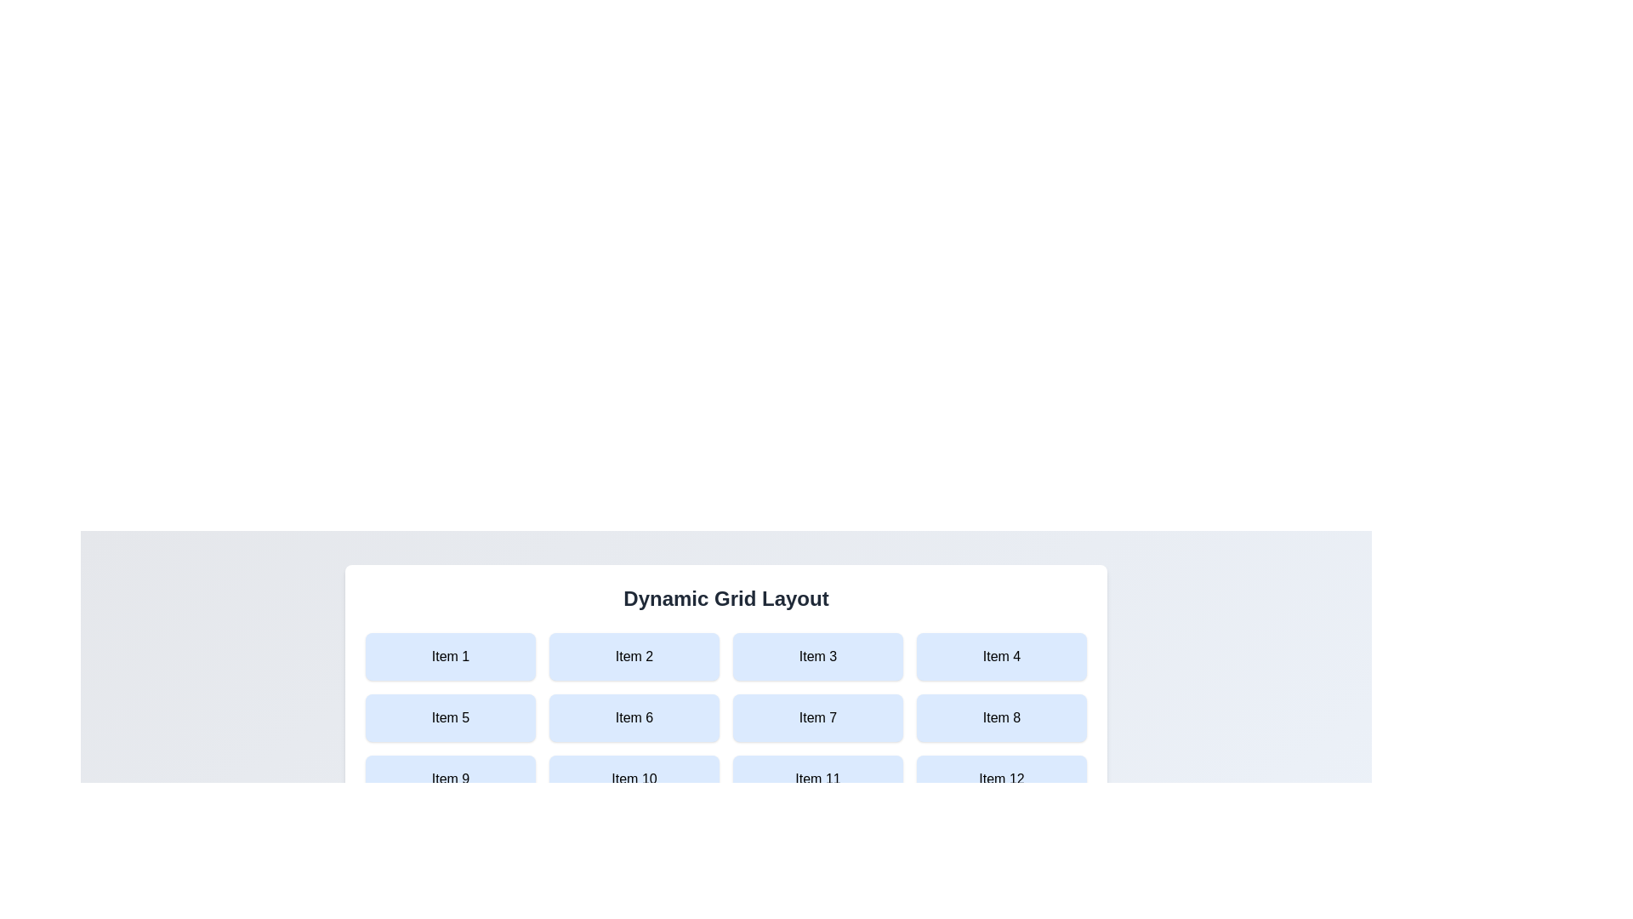  What do you see at coordinates (817, 655) in the screenshot?
I see `the visual representation for 'Item 3' in the grid` at bounding box center [817, 655].